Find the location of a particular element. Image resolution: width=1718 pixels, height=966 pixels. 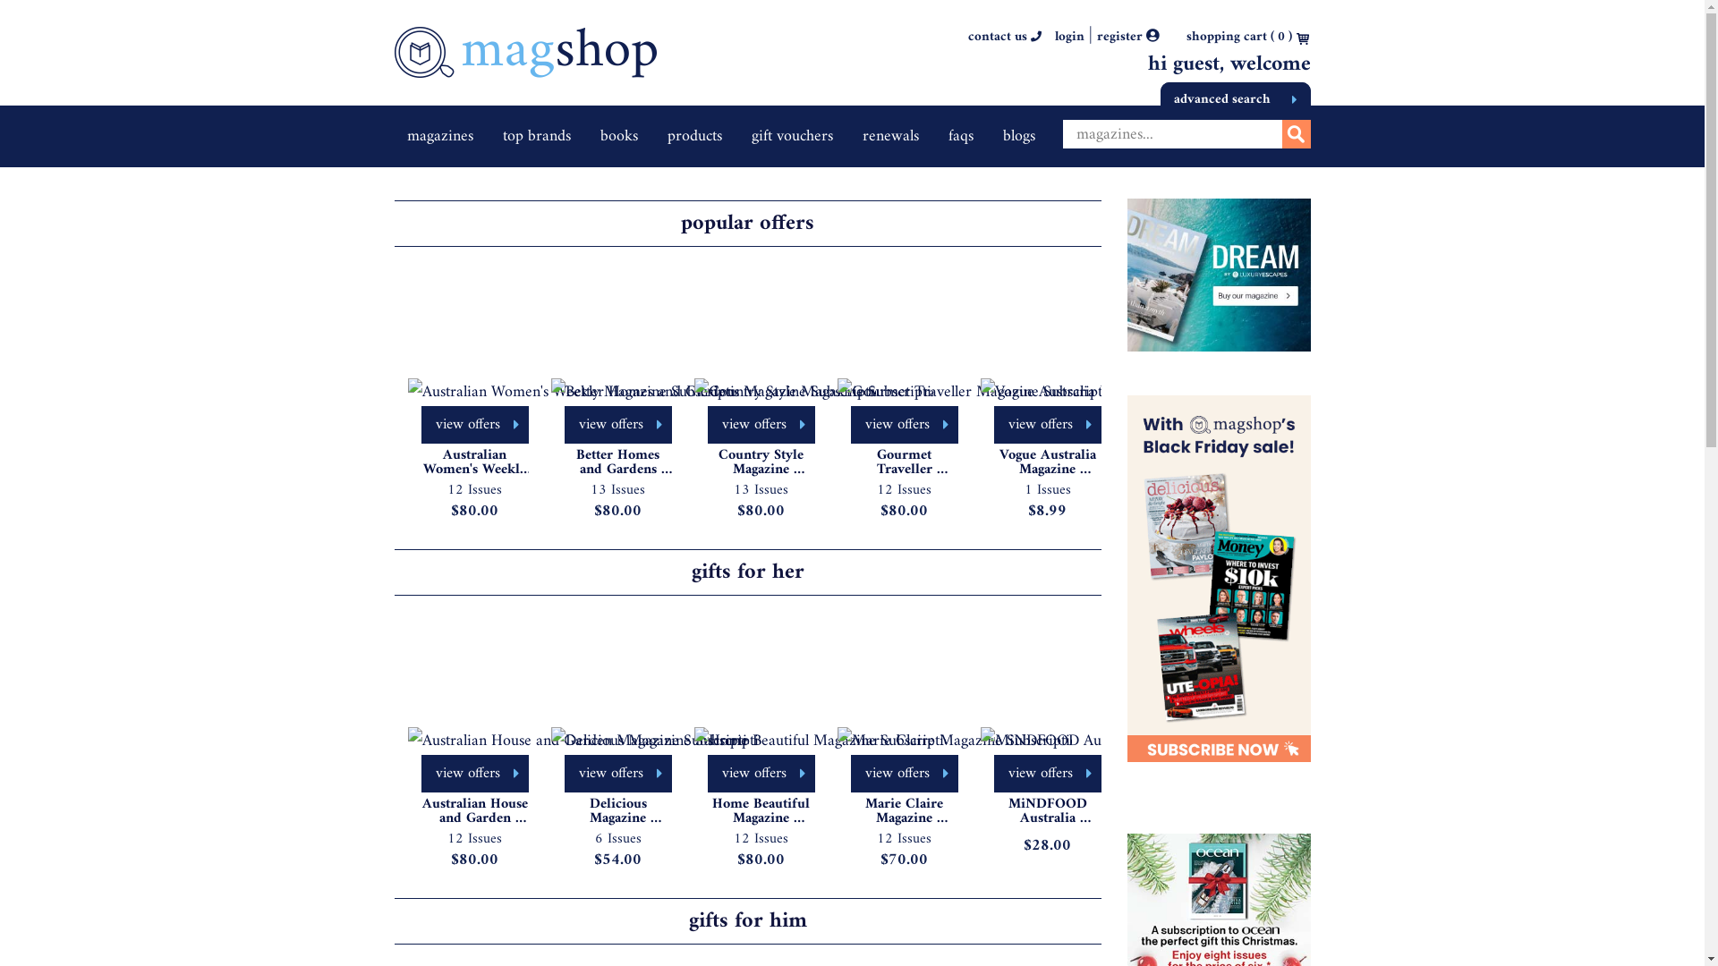

'contact us' is located at coordinates (966, 37).